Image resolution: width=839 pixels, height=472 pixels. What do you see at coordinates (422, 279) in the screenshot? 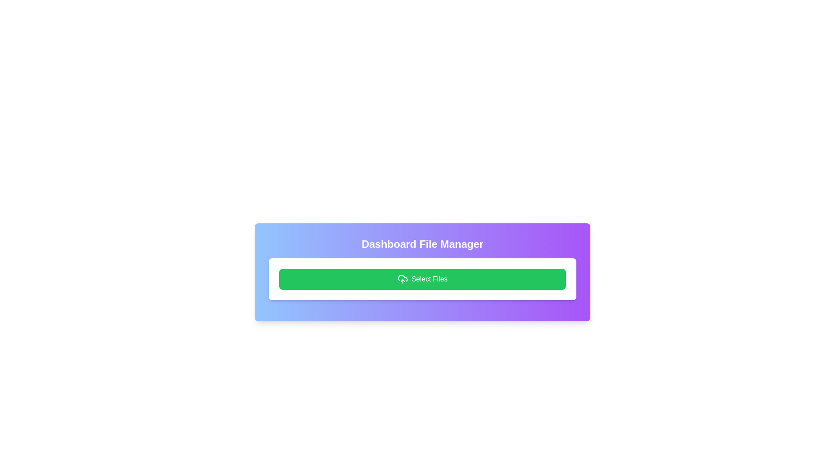
I see `the file selection button located below the 'Dashboard File Manager' title to observe hover effects` at bounding box center [422, 279].